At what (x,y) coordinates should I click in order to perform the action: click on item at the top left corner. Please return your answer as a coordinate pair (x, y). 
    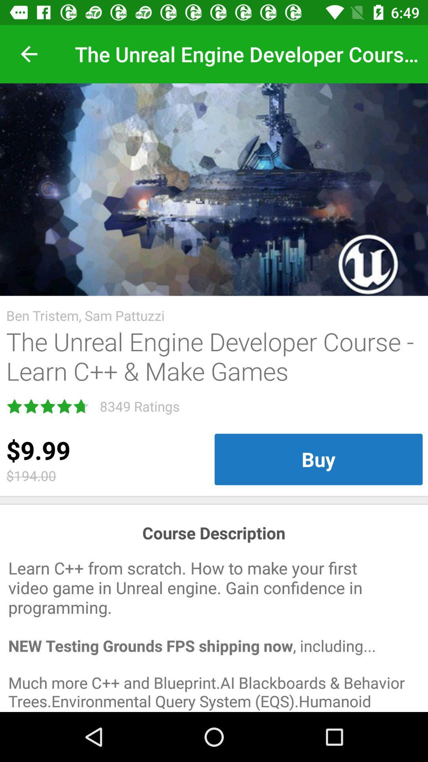
    Looking at the image, I should click on (29, 54).